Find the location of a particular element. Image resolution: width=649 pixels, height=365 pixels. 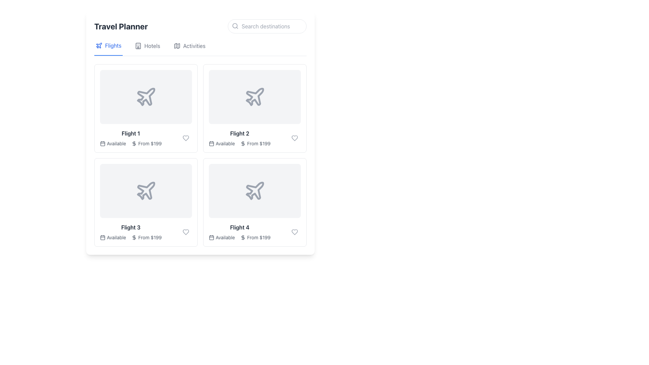

the map icon in the navigation bar, which is adjacent to the 'Flights' icon and represents geographical activities is located at coordinates (177, 46).